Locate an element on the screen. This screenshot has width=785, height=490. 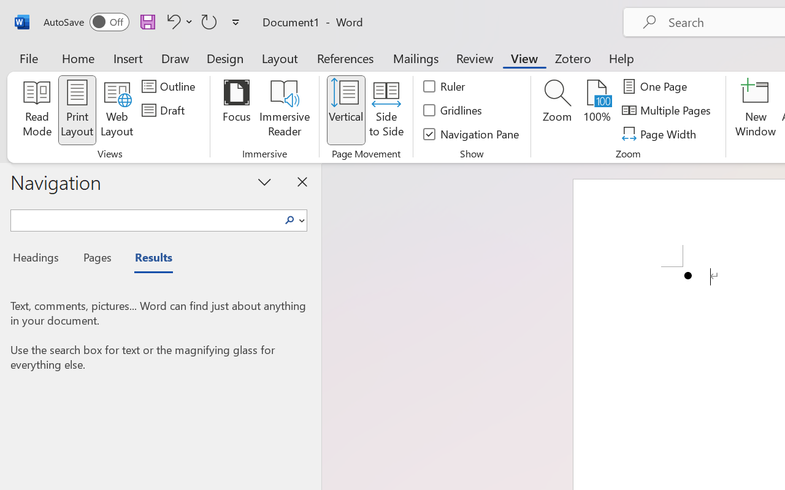
'Immersive Reader' is located at coordinates (284, 110).